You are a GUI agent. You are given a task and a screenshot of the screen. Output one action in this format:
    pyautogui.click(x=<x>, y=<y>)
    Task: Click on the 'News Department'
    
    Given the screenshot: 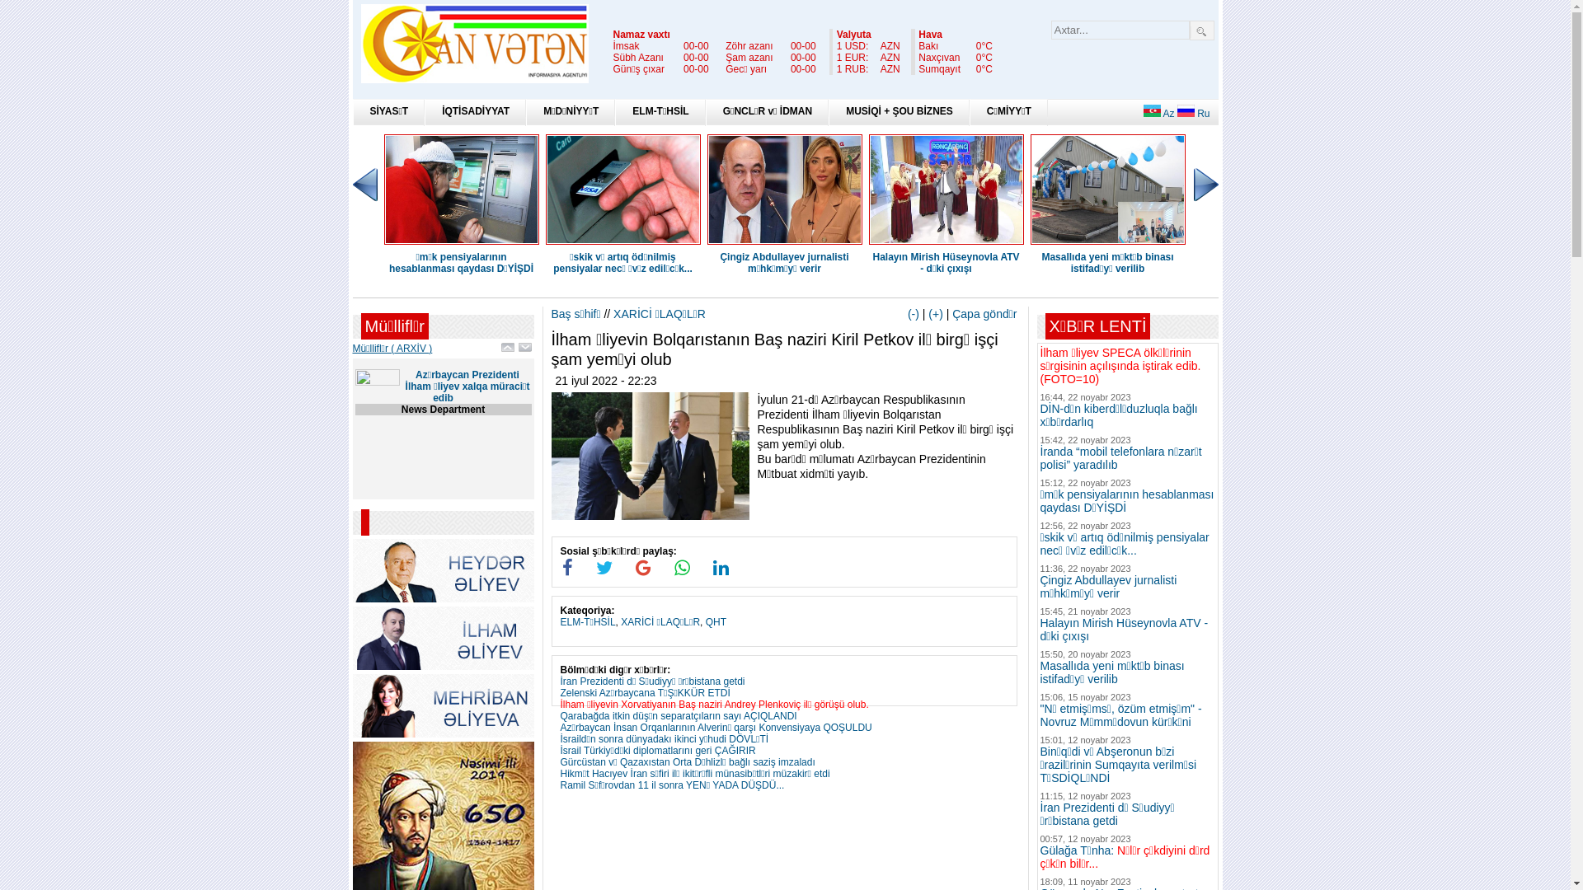 What is the action you would take?
    pyautogui.click(x=443, y=409)
    